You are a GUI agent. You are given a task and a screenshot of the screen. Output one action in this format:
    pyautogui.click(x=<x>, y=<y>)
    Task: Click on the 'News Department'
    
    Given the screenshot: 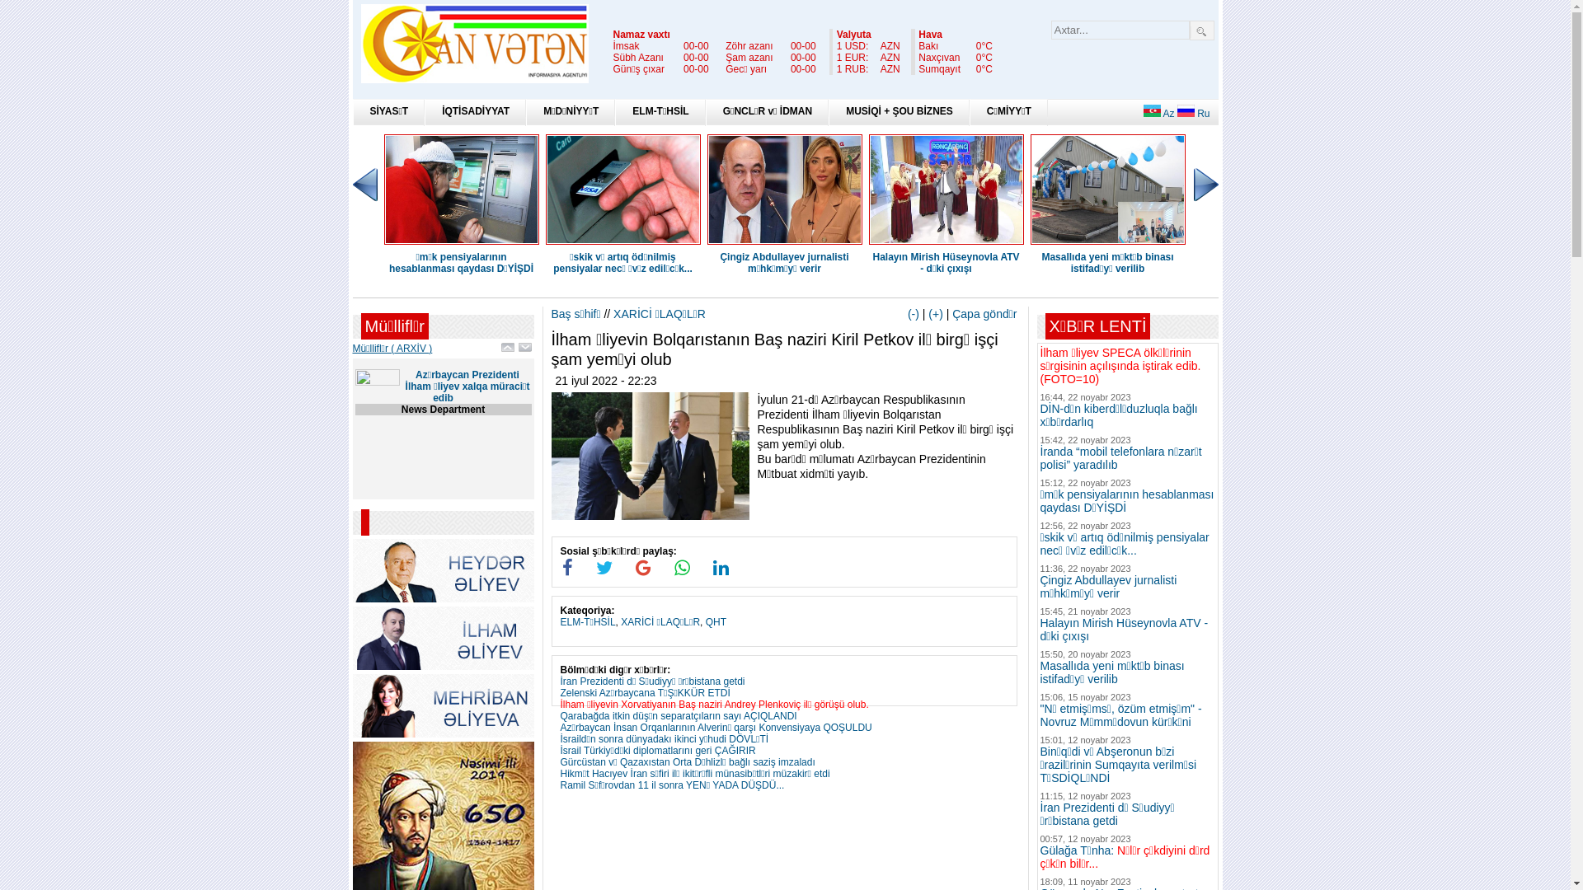 What is the action you would take?
    pyautogui.click(x=443, y=409)
    